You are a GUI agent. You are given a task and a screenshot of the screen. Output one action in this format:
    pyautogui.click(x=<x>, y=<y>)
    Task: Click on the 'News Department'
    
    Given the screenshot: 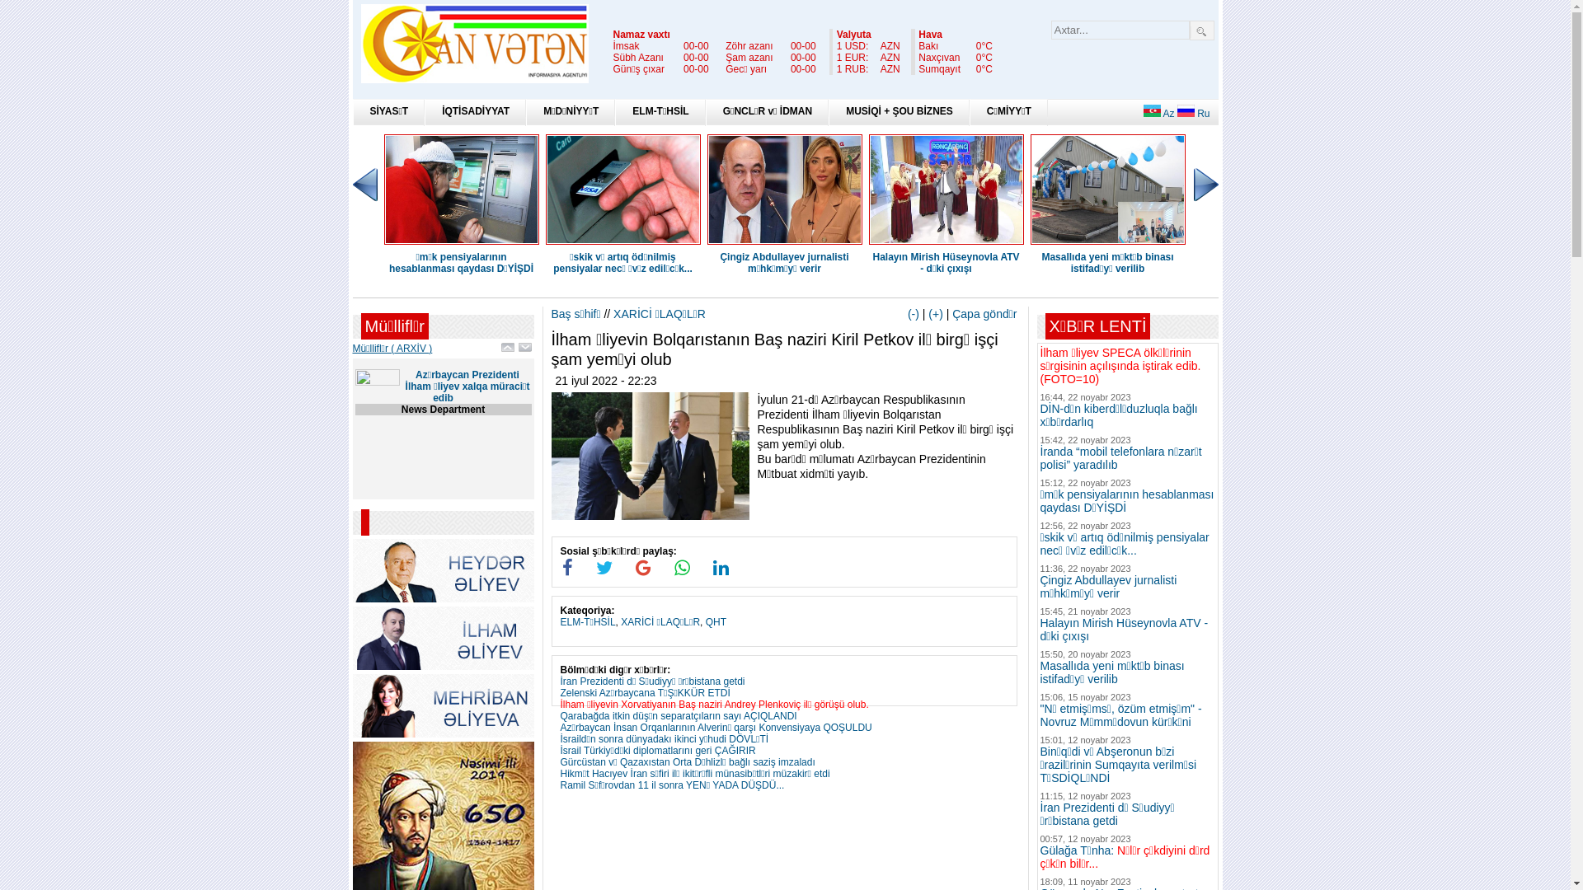 What is the action you would take?
    pyautogui.click(x=443, y=409)
    